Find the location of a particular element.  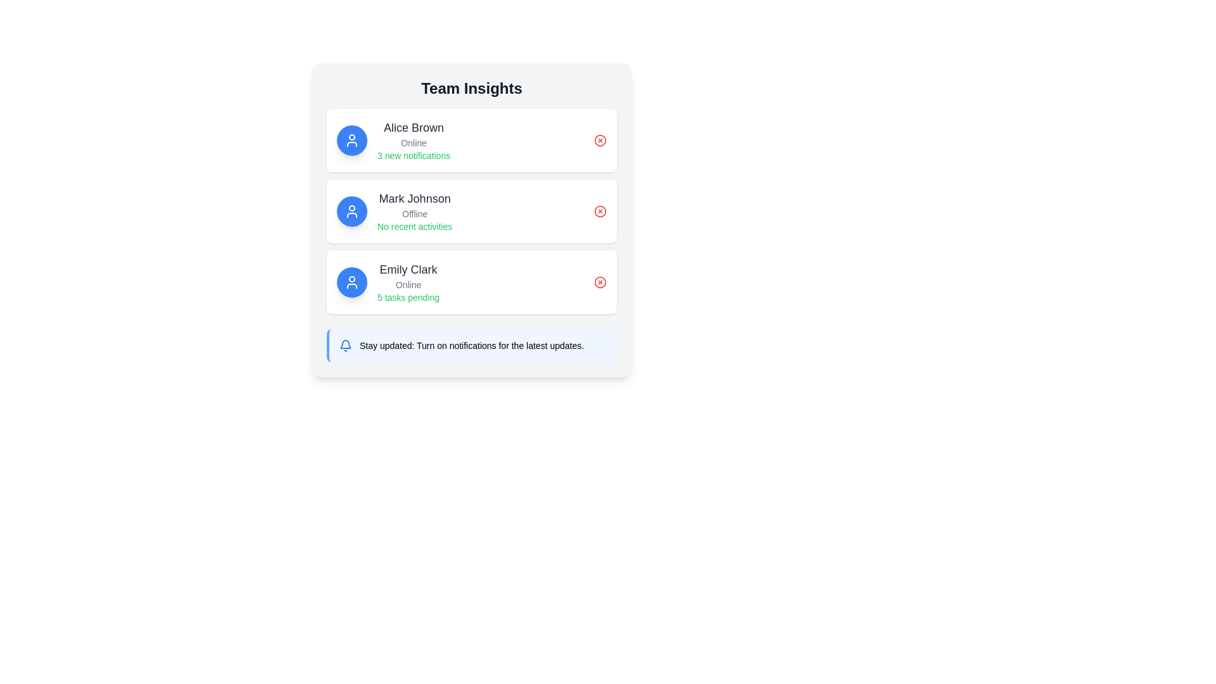

the text label indicating Mark Johnson's online status, which shows that he is currently offline, located below his name in the middle card of the vertical card list is located at coordinates (415, 213).